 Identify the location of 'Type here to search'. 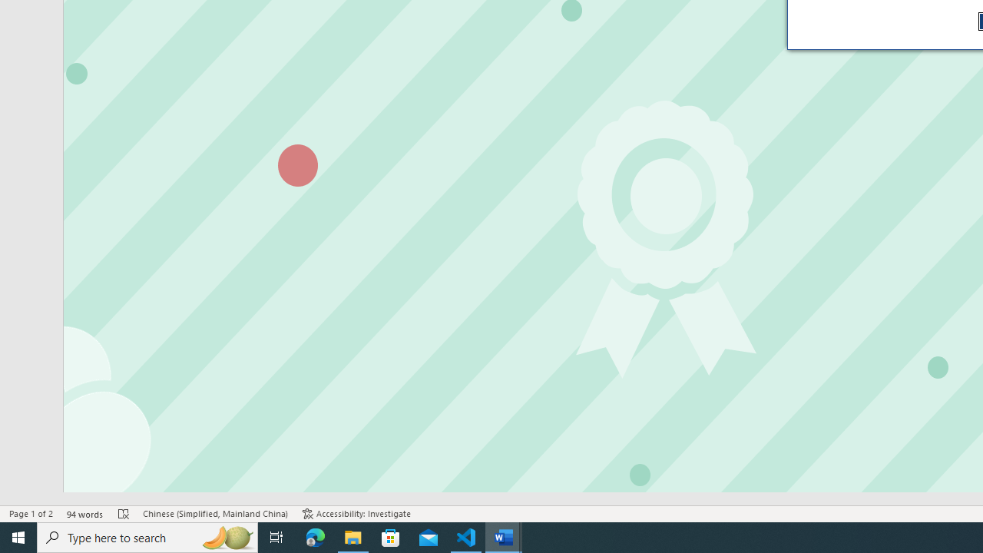
(147, 536).